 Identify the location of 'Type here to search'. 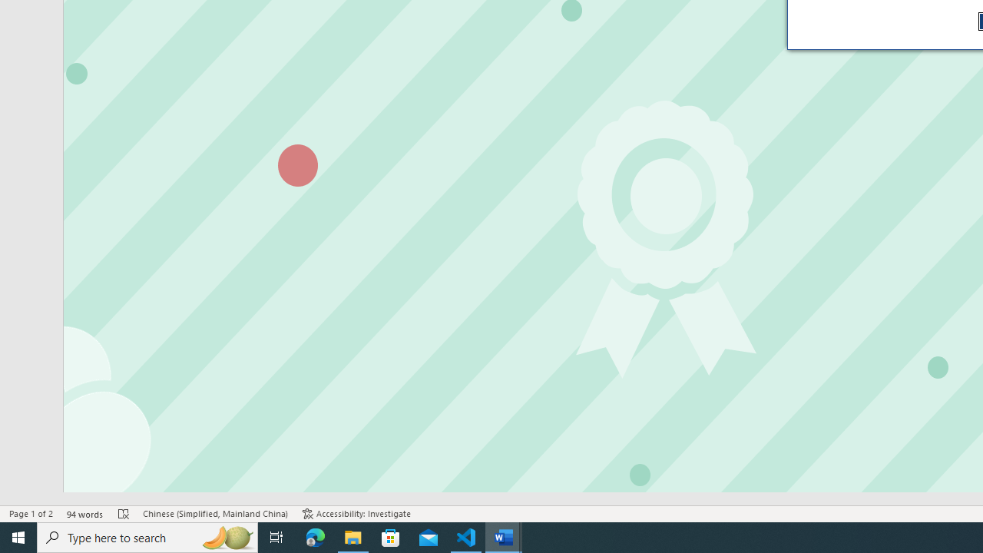
(147, 536).